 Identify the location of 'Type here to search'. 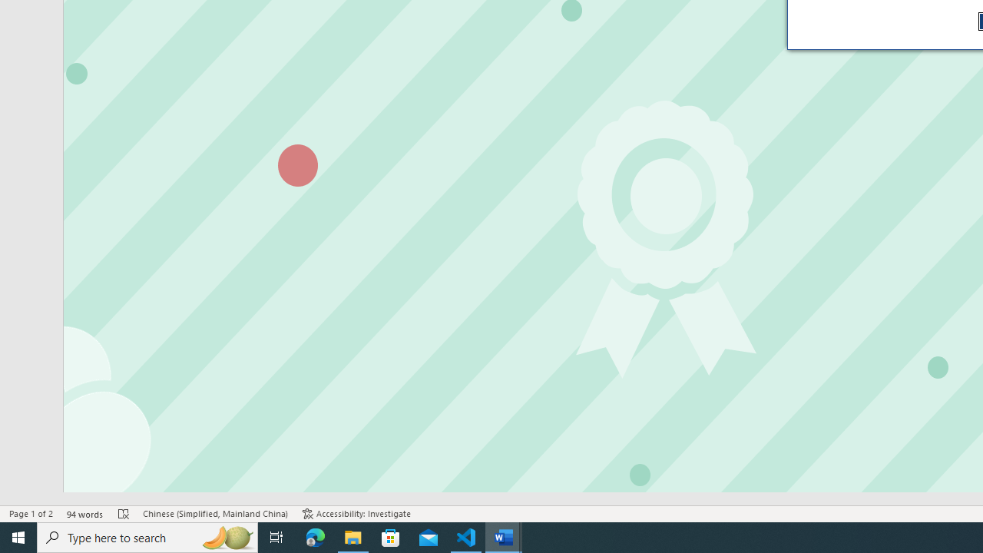
(147, 536).